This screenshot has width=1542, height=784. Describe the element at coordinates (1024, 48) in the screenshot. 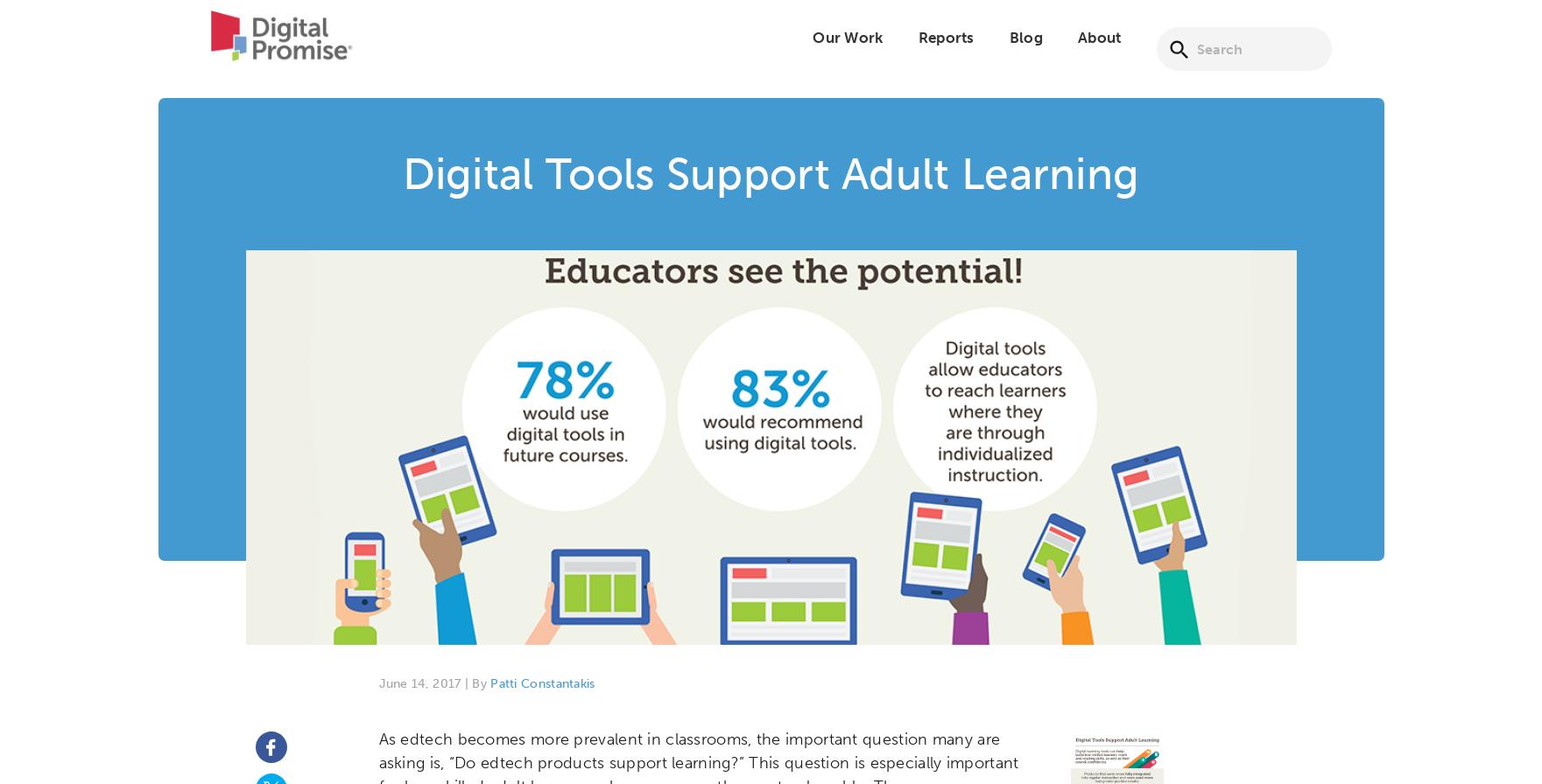

I see `'Blog'` at that location.